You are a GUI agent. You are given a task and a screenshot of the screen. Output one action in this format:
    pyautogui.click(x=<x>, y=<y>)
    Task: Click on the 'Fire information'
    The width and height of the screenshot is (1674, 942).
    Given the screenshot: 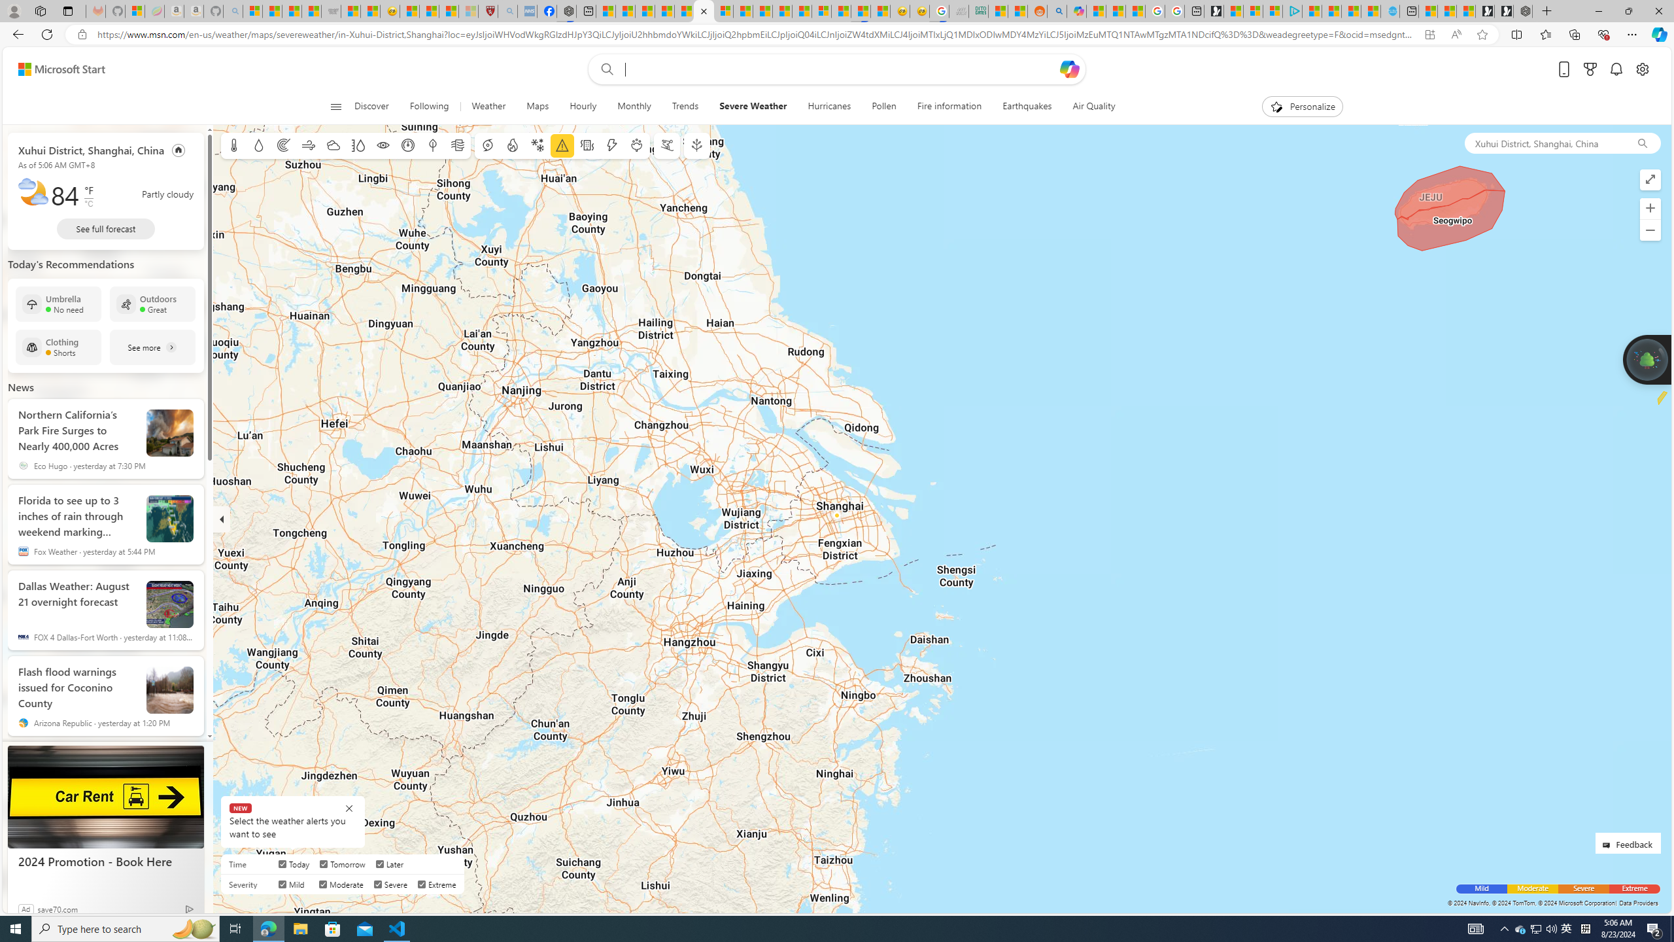 What is the action you would take?
    pyautogui.click(x=949, y=106)
    